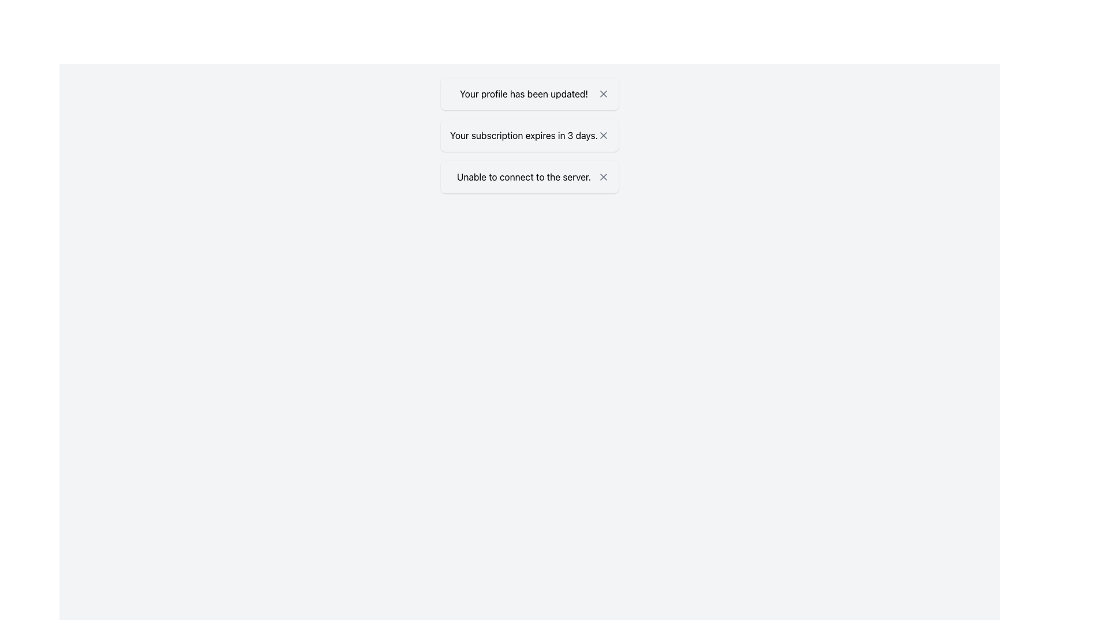 This screenshot has height=623, width=1108. Describe the element at coordinates (523, 177) in the screenshot. I see `the static text label displaying 'Unable to connect to the server.' which is colored dark red and has a warning appearance with a lightly tinted red background` at that location.